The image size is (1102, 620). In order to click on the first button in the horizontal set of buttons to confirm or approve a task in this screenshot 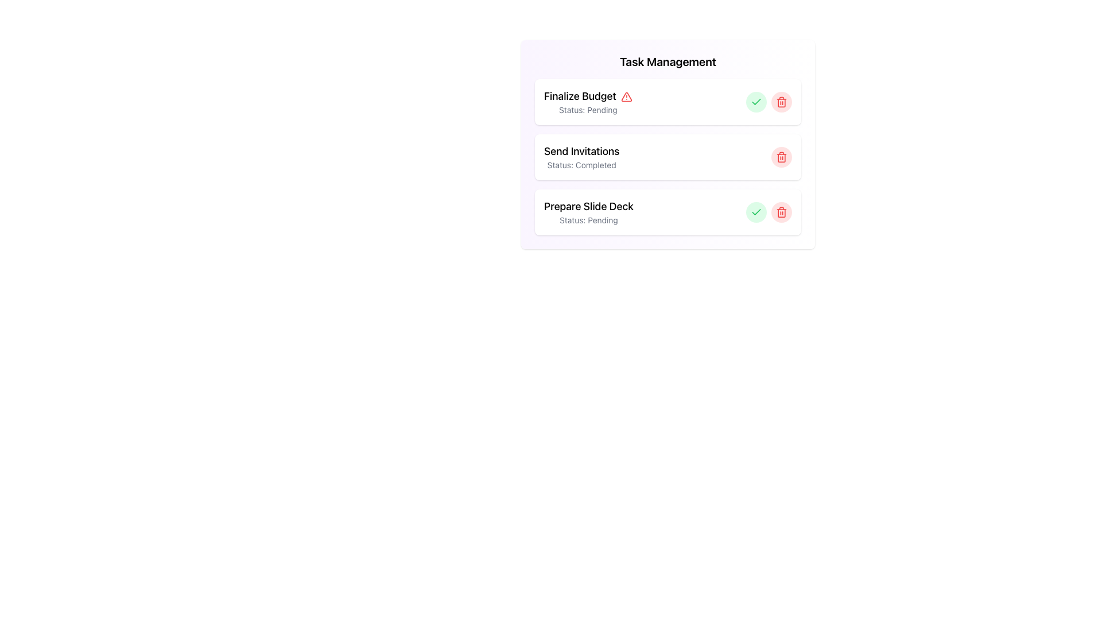, I will do `click(756, 101)`.